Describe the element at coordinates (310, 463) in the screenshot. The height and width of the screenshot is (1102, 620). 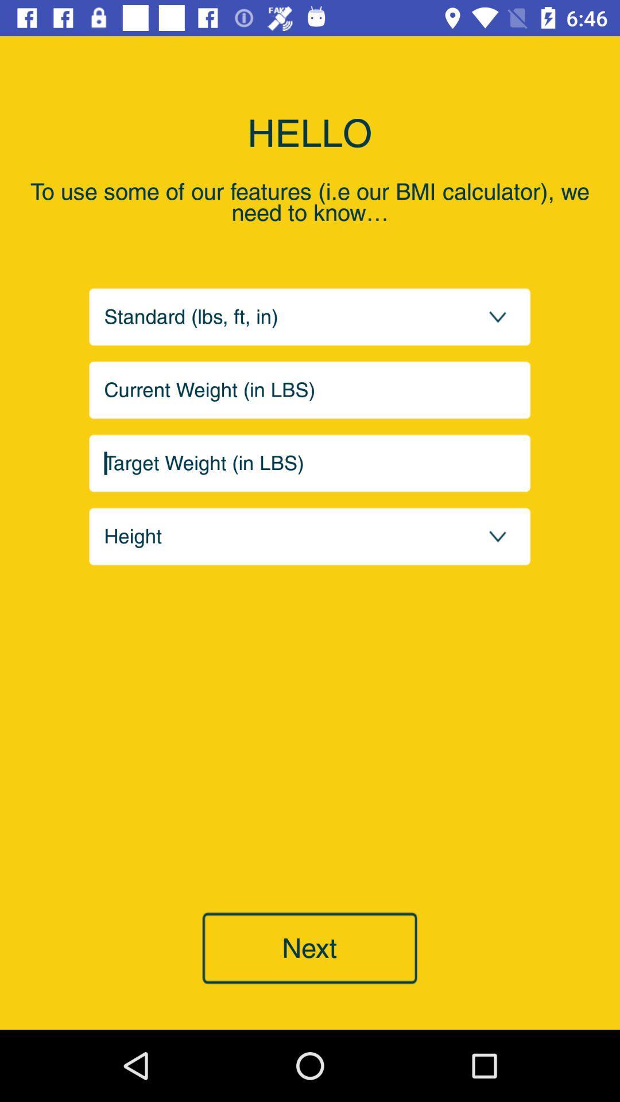
I see `target weight detail` at that location.